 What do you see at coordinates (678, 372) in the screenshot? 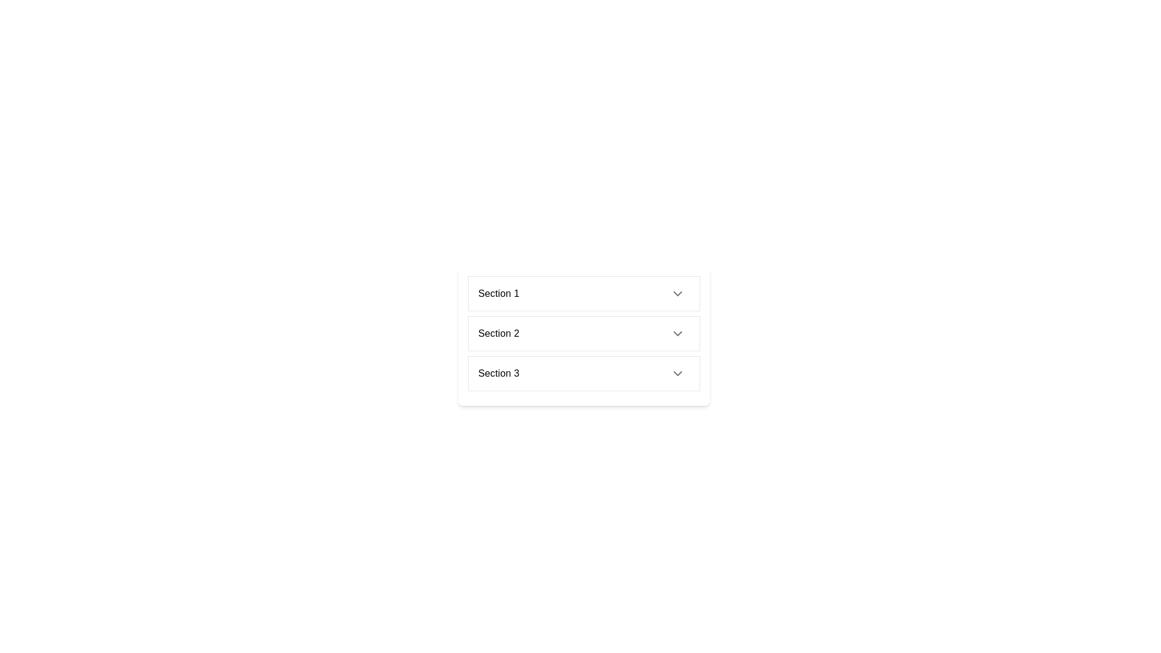
I see `the icon within the clickable button on the right side of the 'Section 3' row` at bounding box center [678, 372].